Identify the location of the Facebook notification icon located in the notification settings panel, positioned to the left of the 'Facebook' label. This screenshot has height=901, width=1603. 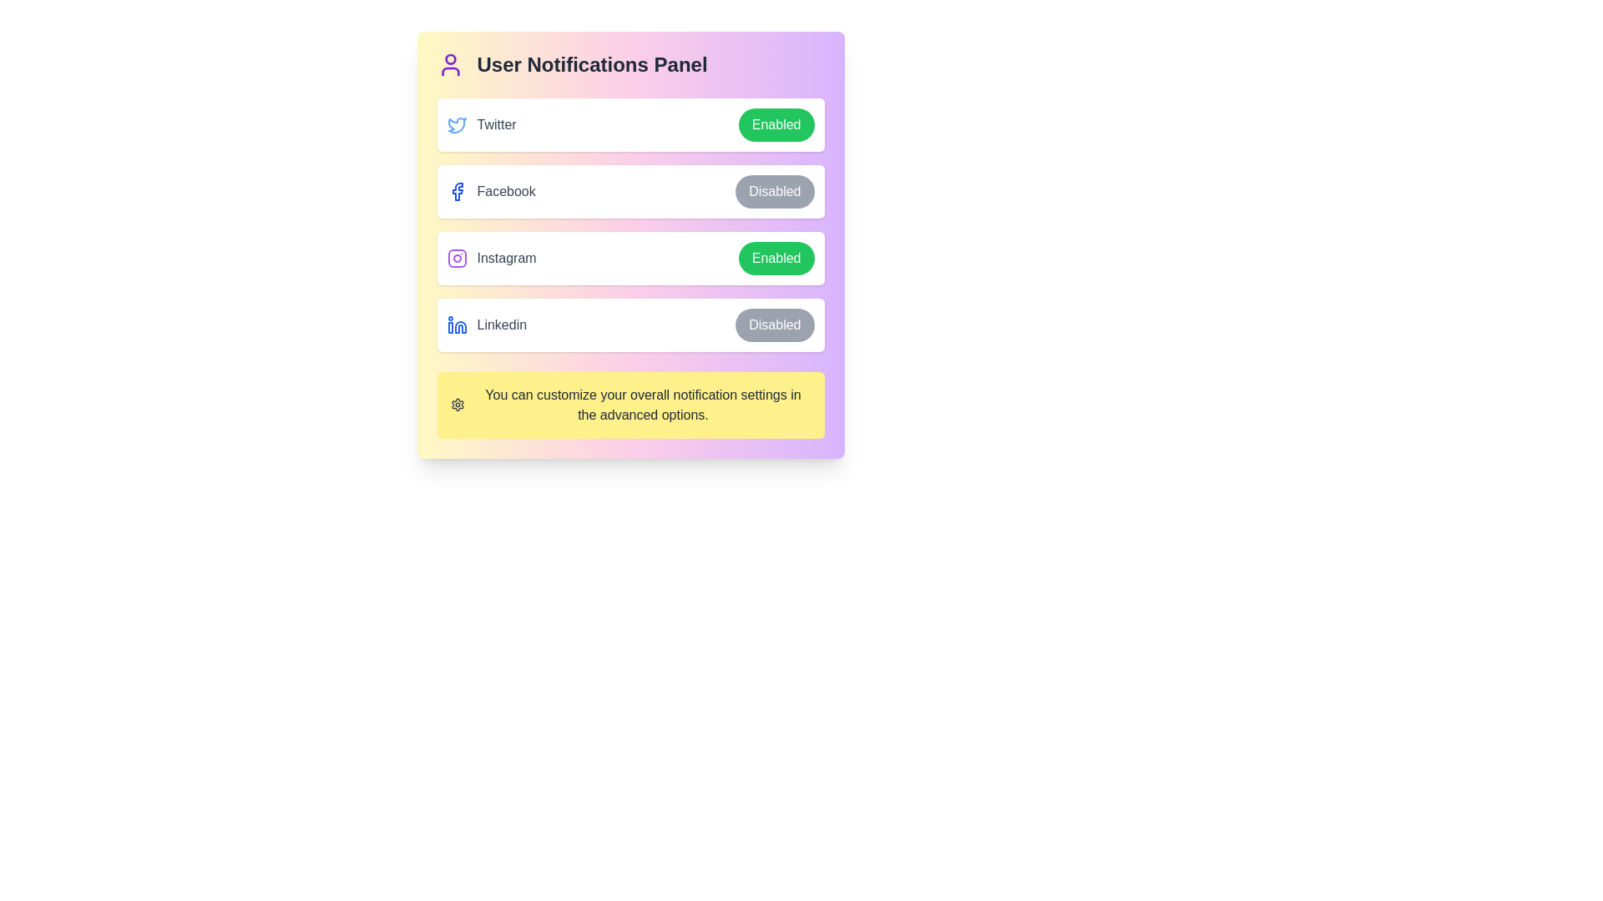
(457, 191).